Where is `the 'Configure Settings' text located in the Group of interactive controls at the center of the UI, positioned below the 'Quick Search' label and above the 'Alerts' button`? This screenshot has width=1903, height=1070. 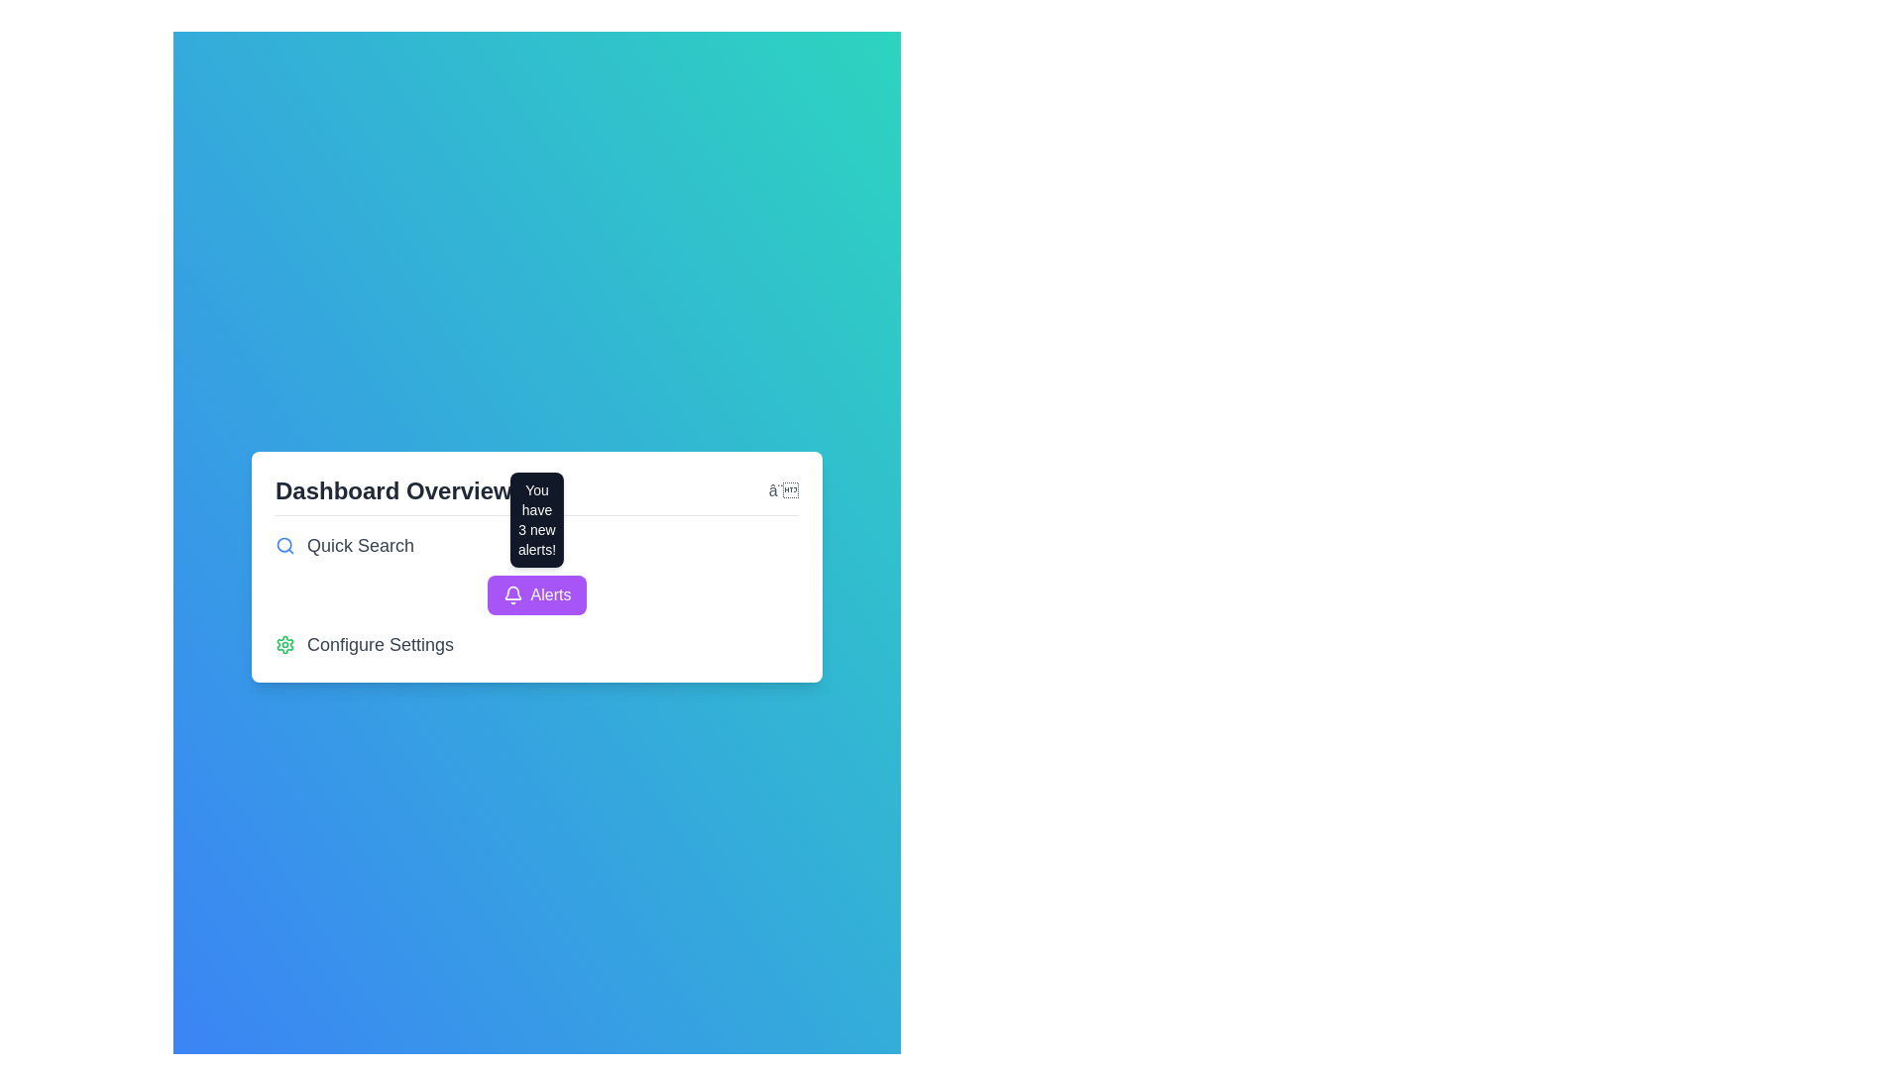
the 'Configure Settings' text located in the Group of interactive controls at the center of the UI, positioned below the 'Quick Search' label and above the 'Alerts' button is located at coordinates (537, 593).